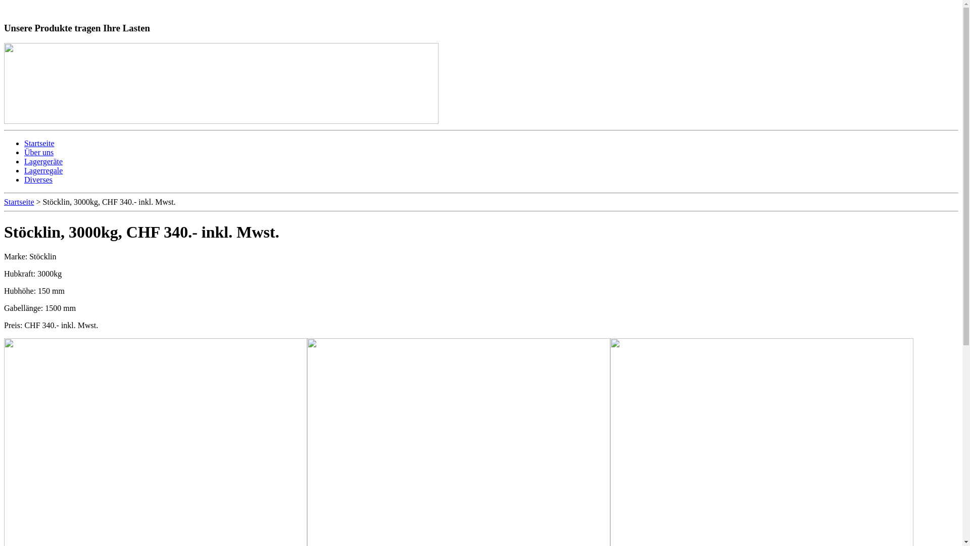  Describe the element at coordinates (43, 170) in the screenshot. I see `'Lagerregale'` at that location.